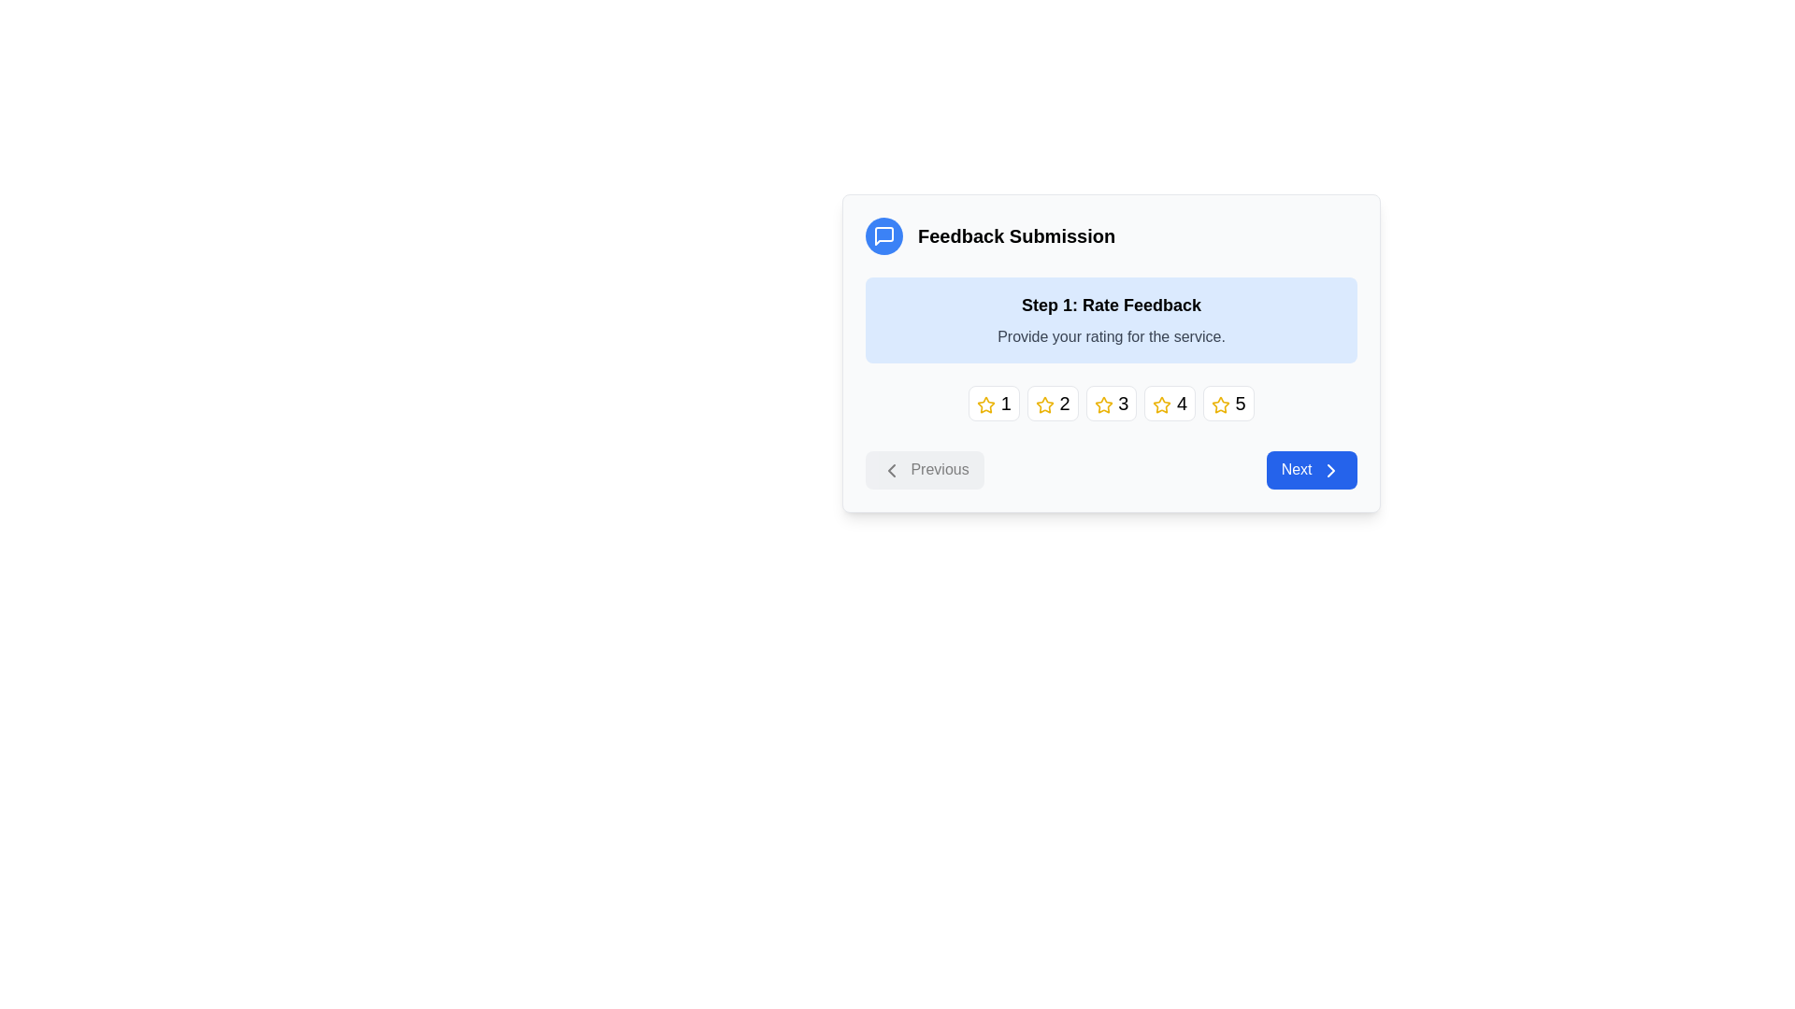 The width and height of the screenshot is (1795, 1009). I want to click on the fourth yellow star icon in the feedback rating section, so click(1220, 404).